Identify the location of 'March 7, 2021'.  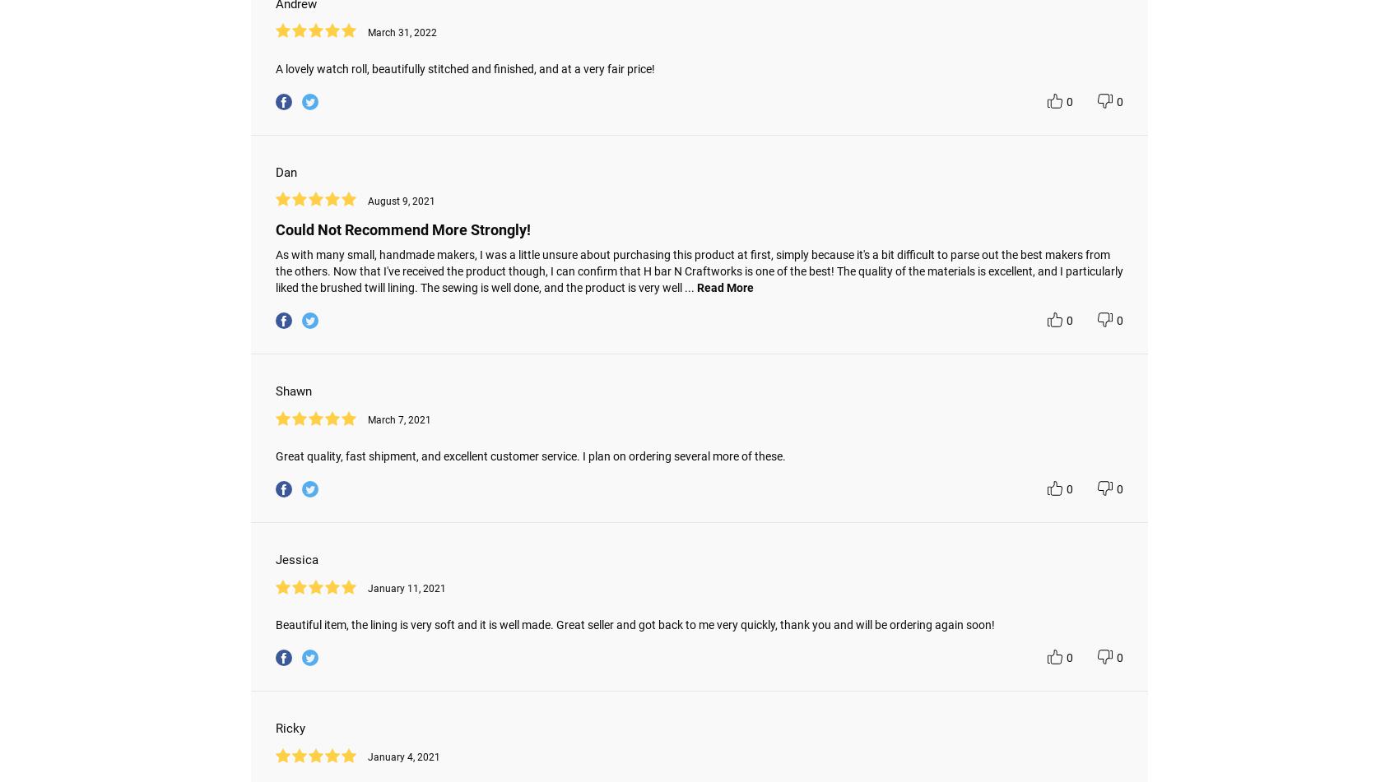
(367, 419).